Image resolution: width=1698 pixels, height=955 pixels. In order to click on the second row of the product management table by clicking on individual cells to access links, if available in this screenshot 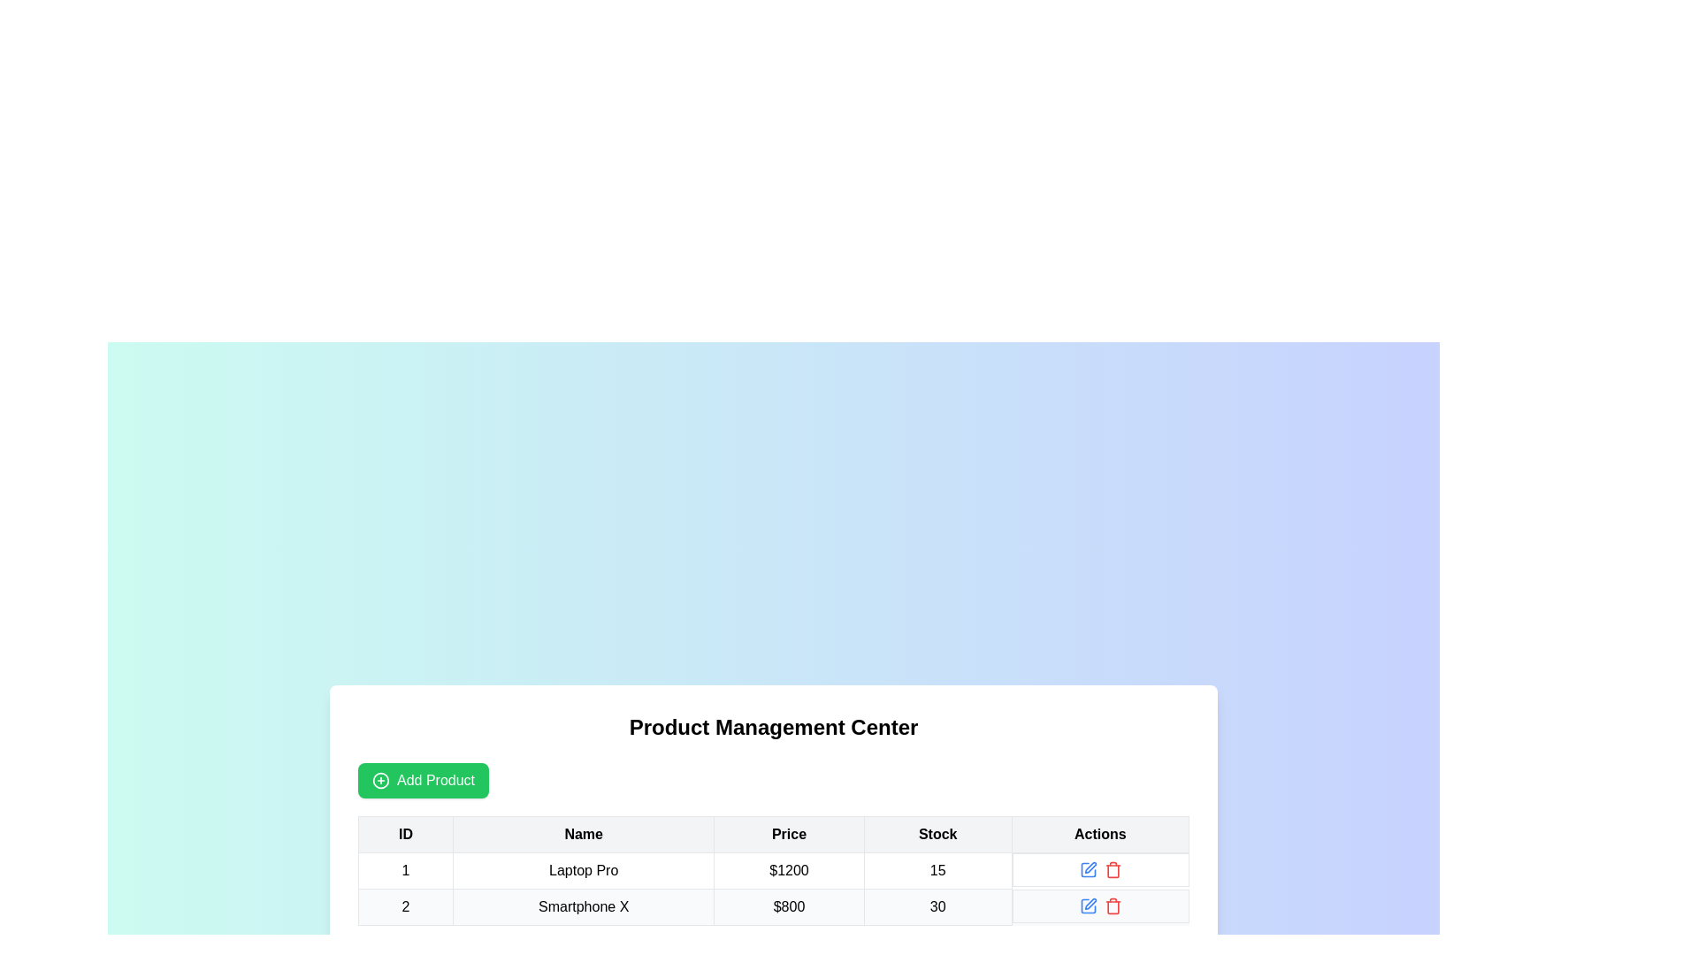, I will do `click(773, 907)`.